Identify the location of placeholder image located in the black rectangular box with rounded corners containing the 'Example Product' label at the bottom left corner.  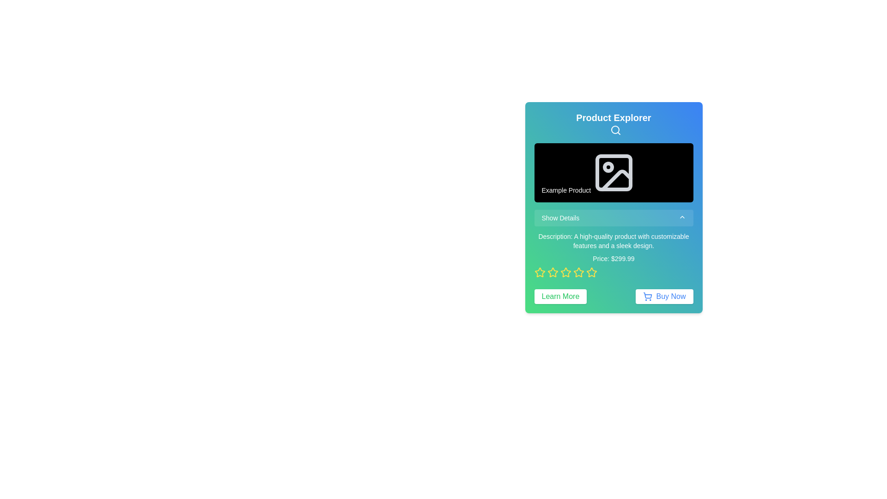
(614, 172).